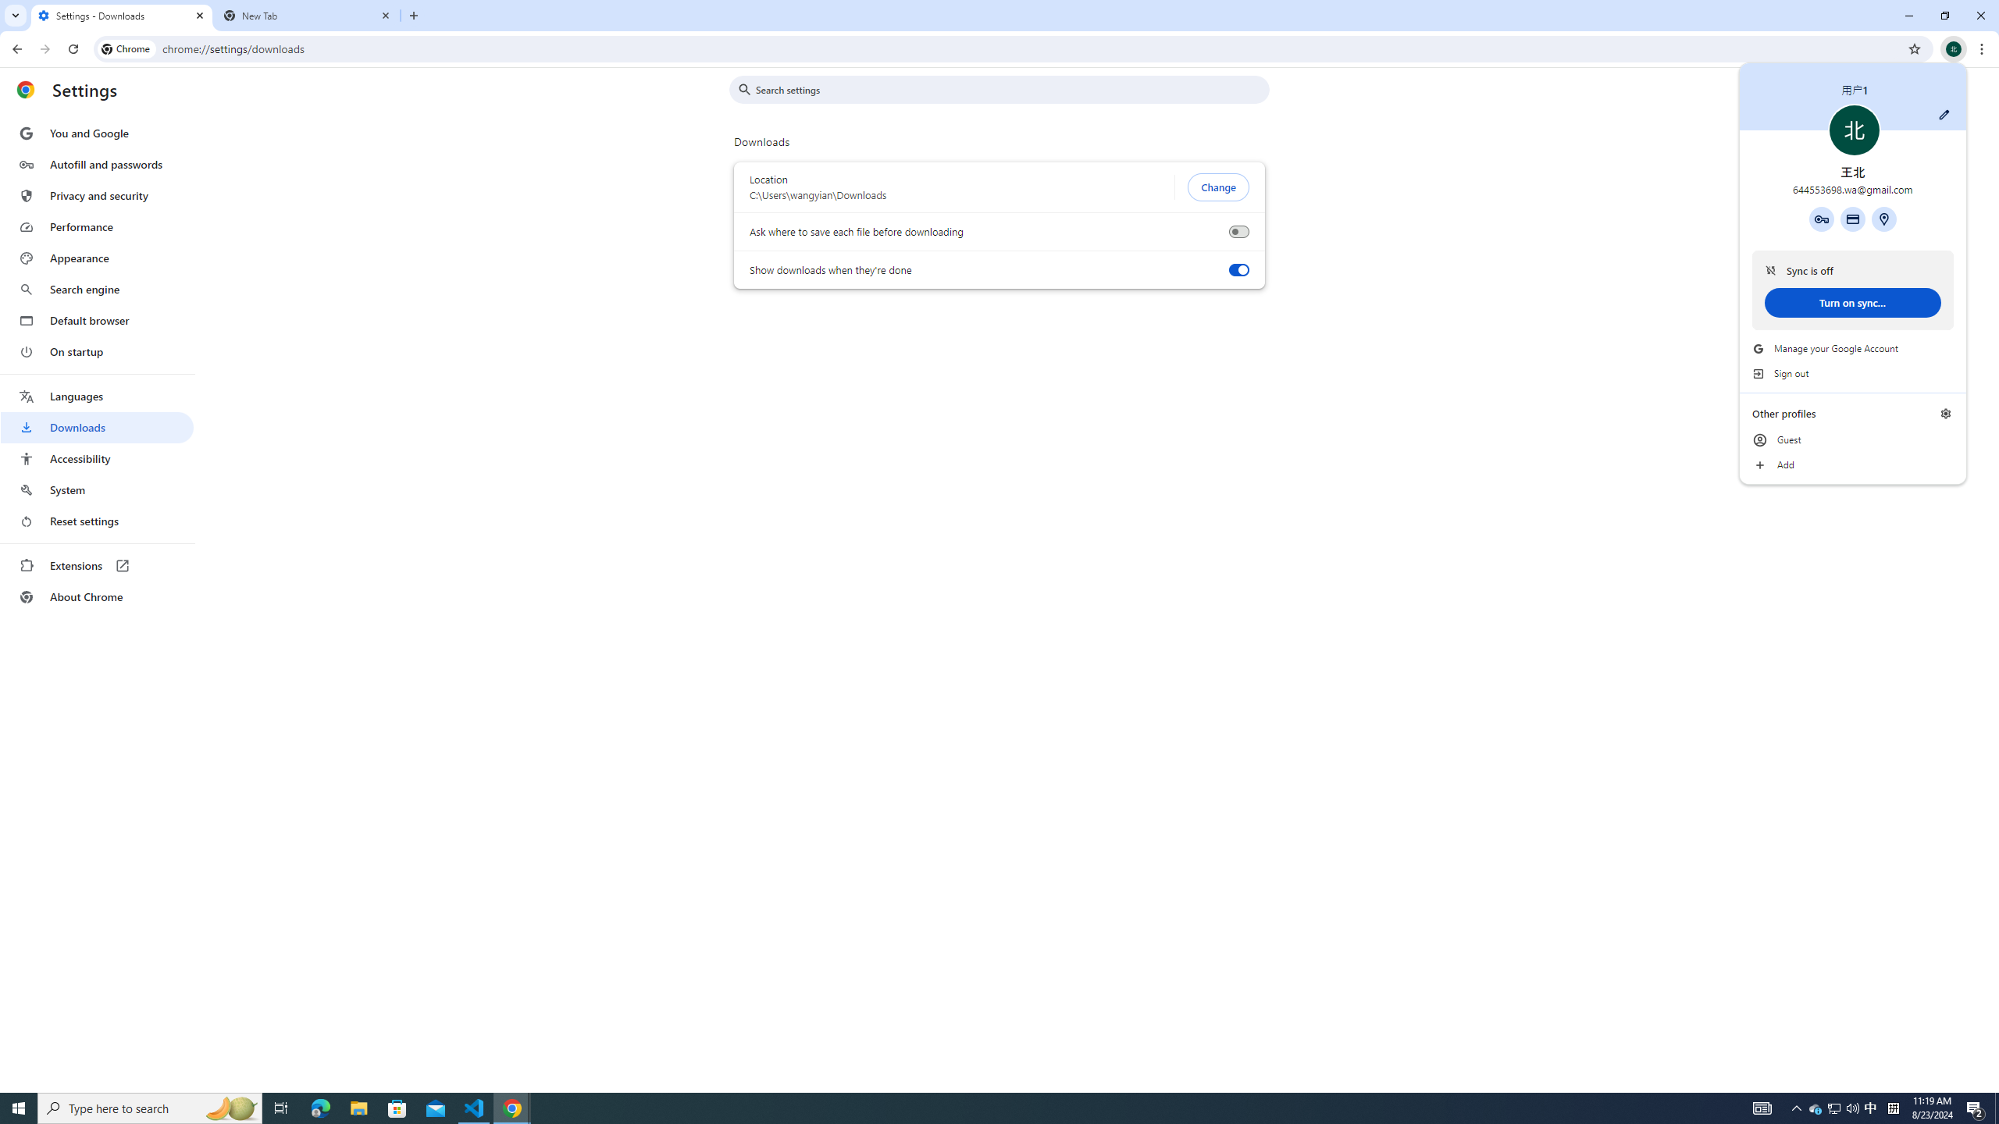 This screenshot has height=1124, width=1999. Describe the element at coordinates (1761, 1107) in the screenshot. I see `'AutomationID: 4105'` at that location.